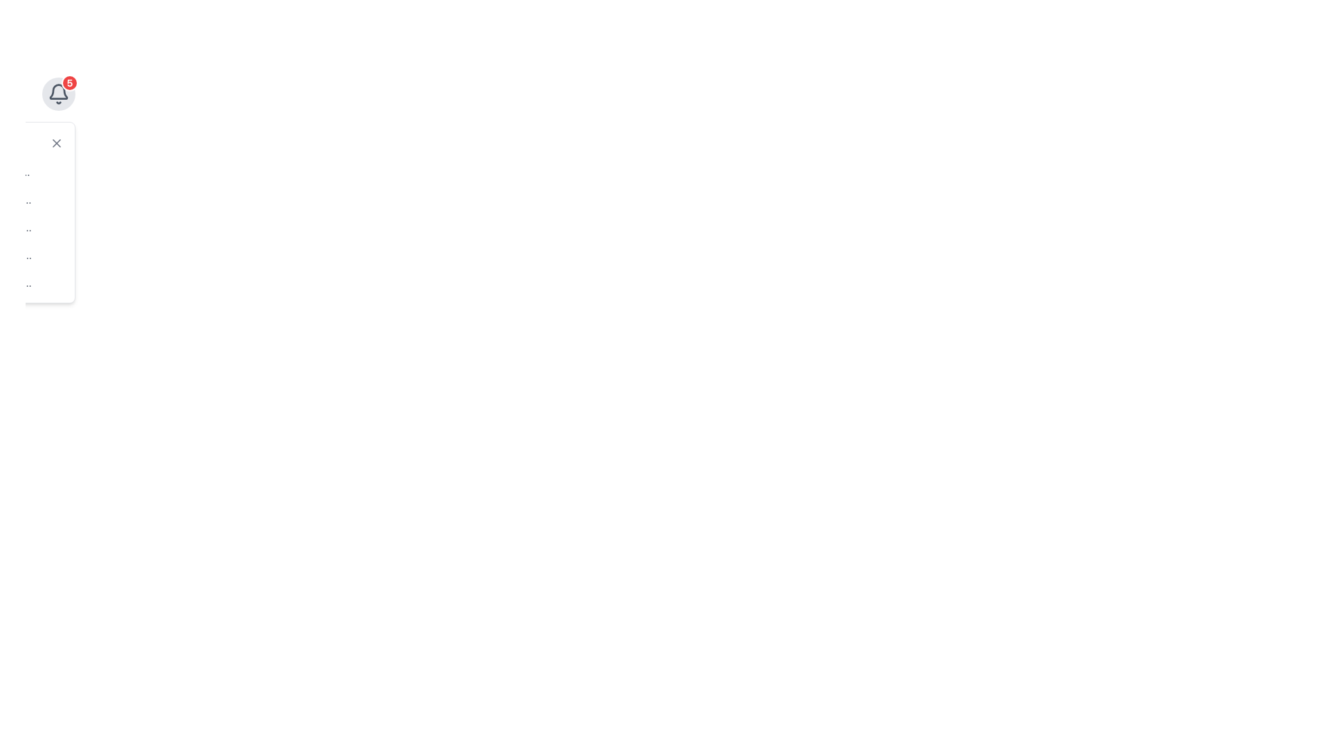  I want to click on the clickable notification icon with badge, so click(58, 93).